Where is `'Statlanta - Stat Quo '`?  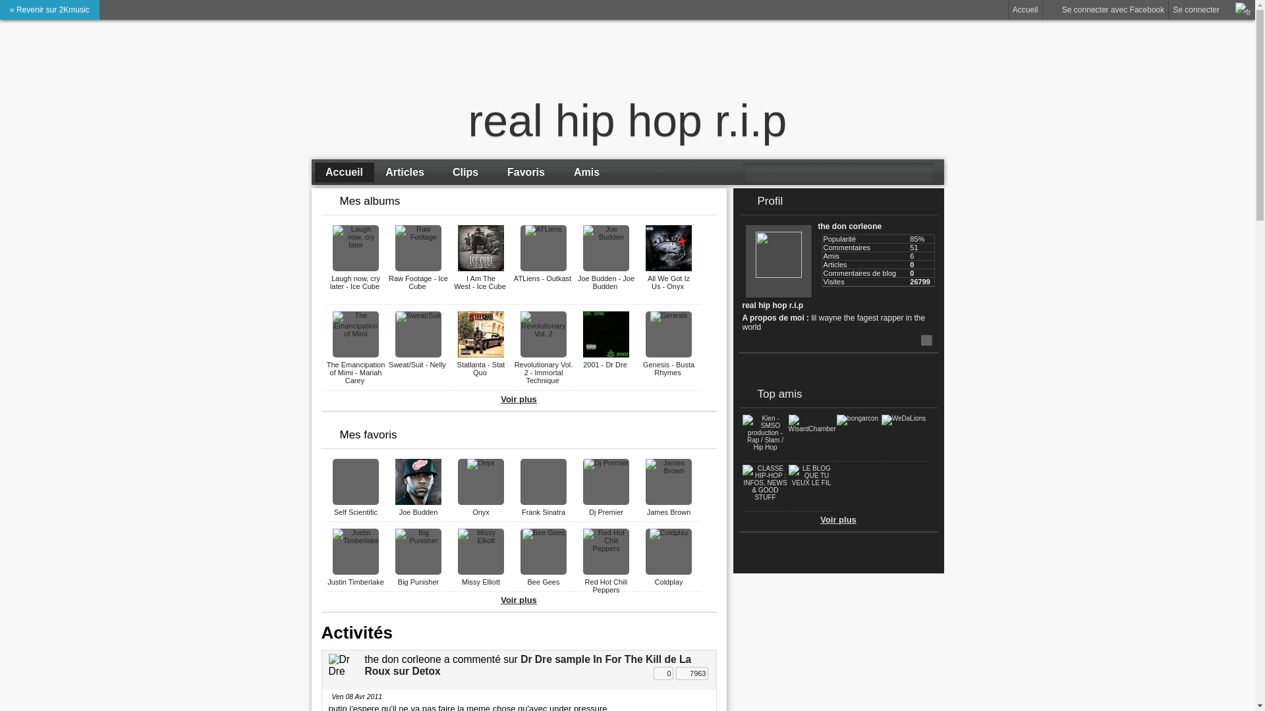
'Statlanta - Stat Quo ' is located at coordinates (480, 368).